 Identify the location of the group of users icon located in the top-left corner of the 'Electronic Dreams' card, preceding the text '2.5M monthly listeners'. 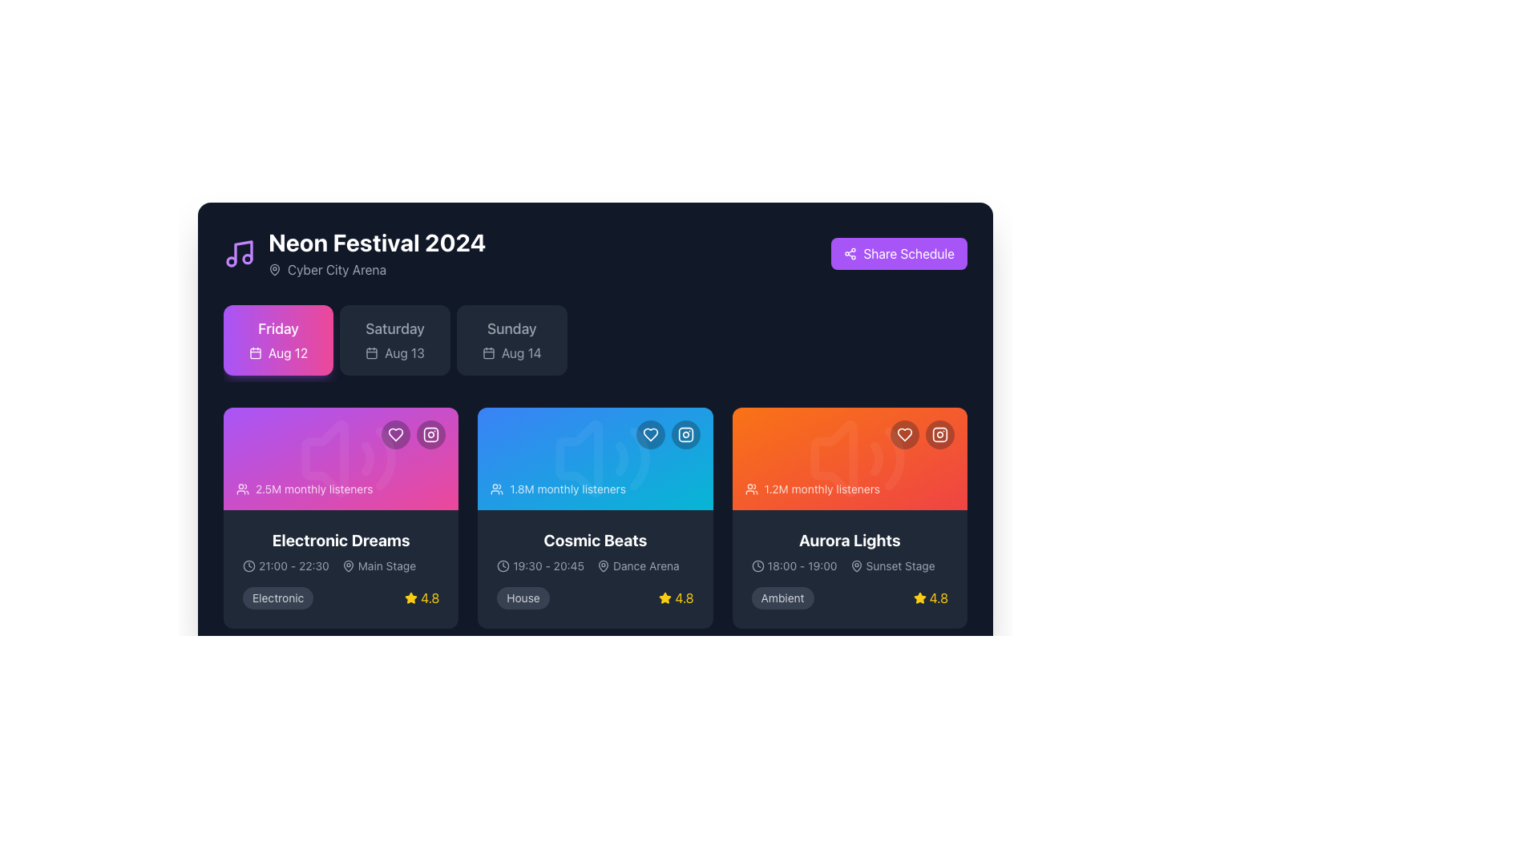
(241, 488).